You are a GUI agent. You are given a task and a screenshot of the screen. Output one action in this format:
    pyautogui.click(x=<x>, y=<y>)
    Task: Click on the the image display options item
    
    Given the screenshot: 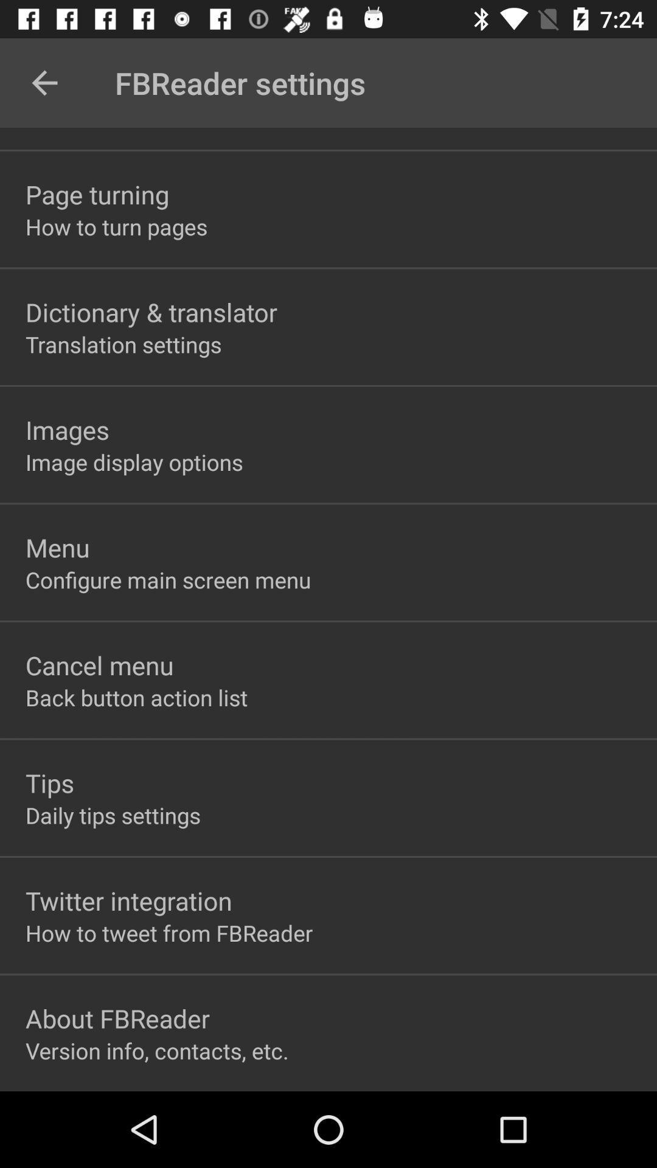 What is the action you would take?
    pyautogui.click(x=134, y=461)
    